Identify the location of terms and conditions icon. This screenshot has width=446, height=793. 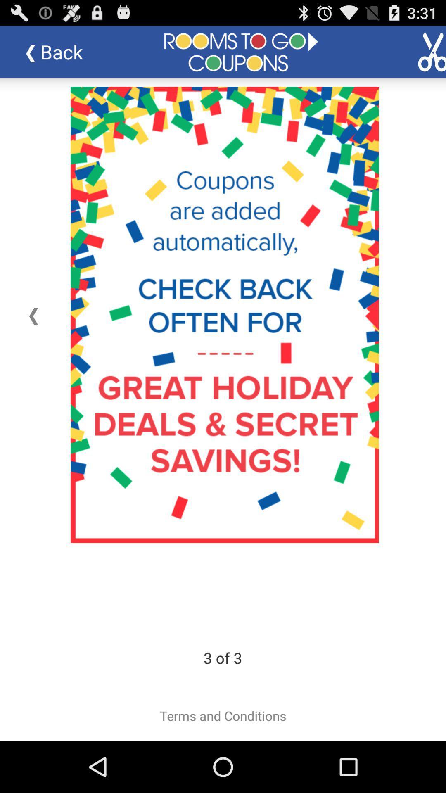
(223, 715).